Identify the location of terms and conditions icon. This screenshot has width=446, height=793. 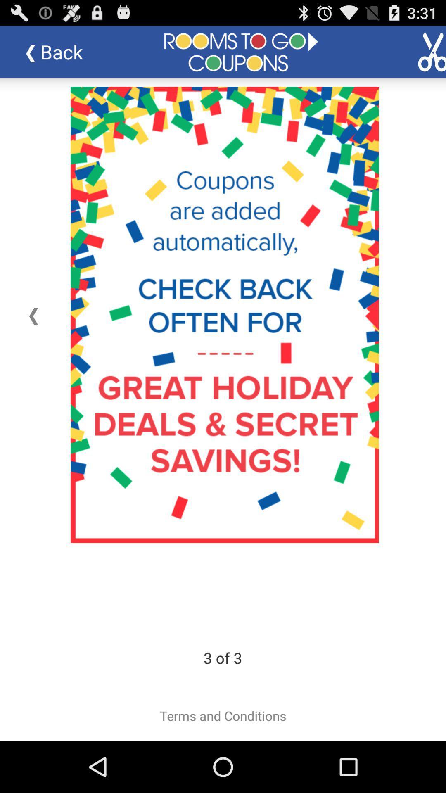
(223, 715).